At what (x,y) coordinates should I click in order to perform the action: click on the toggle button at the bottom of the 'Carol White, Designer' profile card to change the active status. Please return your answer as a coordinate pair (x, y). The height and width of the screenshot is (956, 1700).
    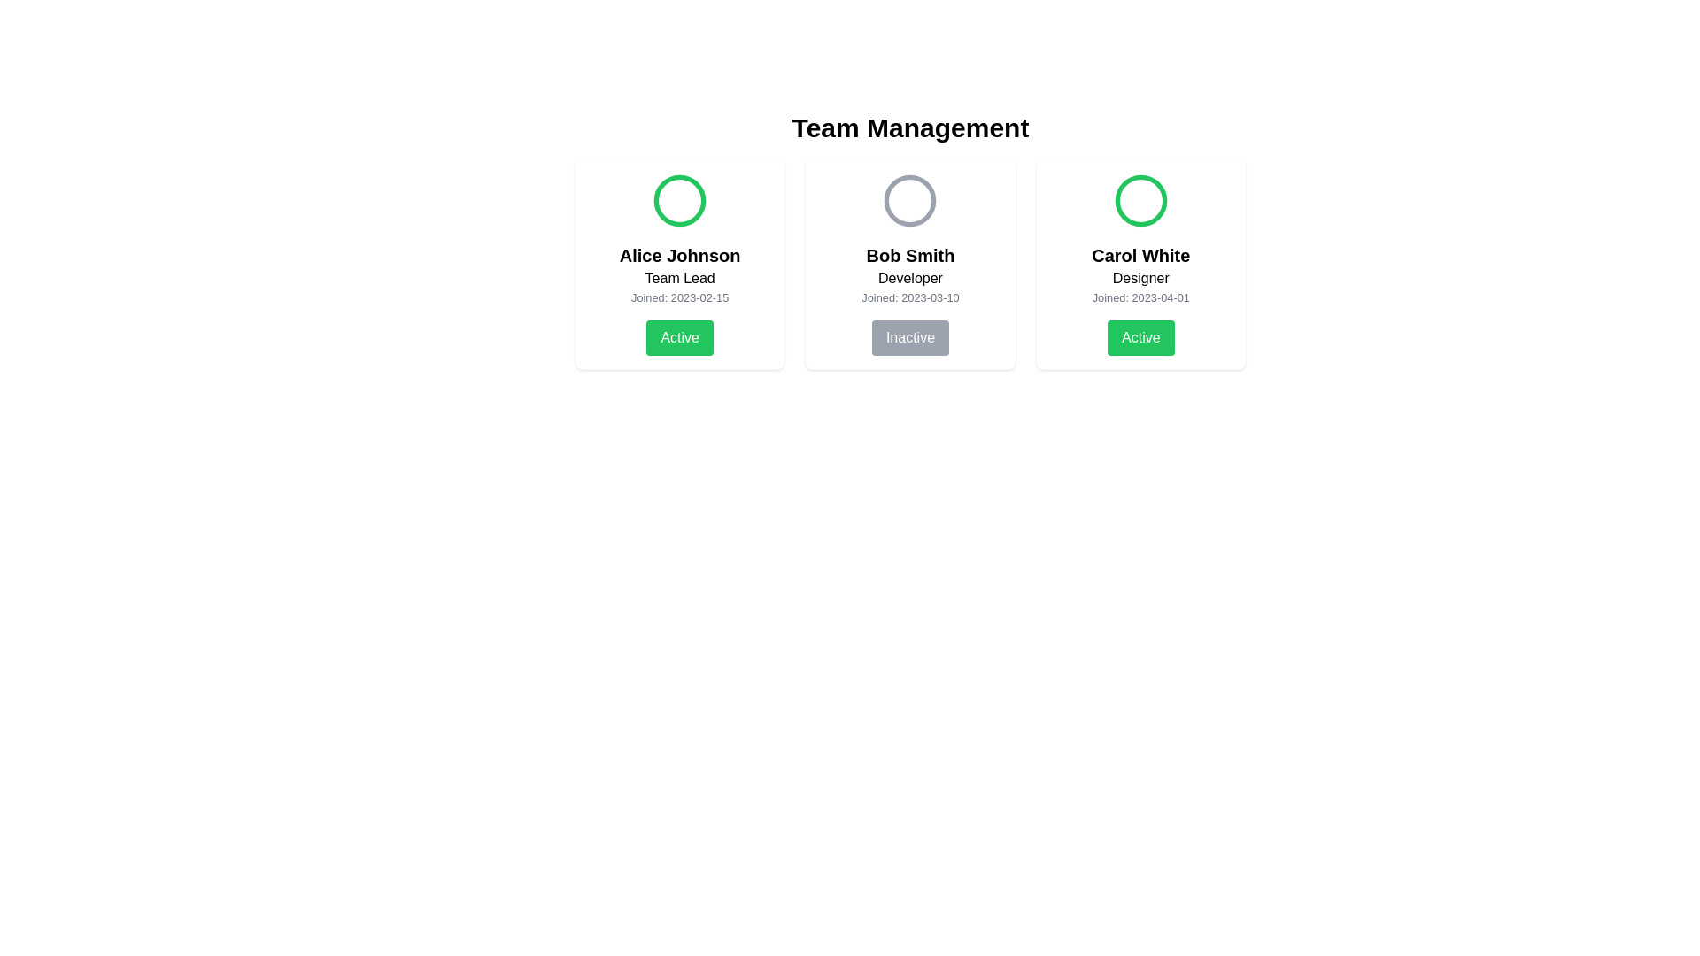
    Looking at the image, I should click on (1140, 338).